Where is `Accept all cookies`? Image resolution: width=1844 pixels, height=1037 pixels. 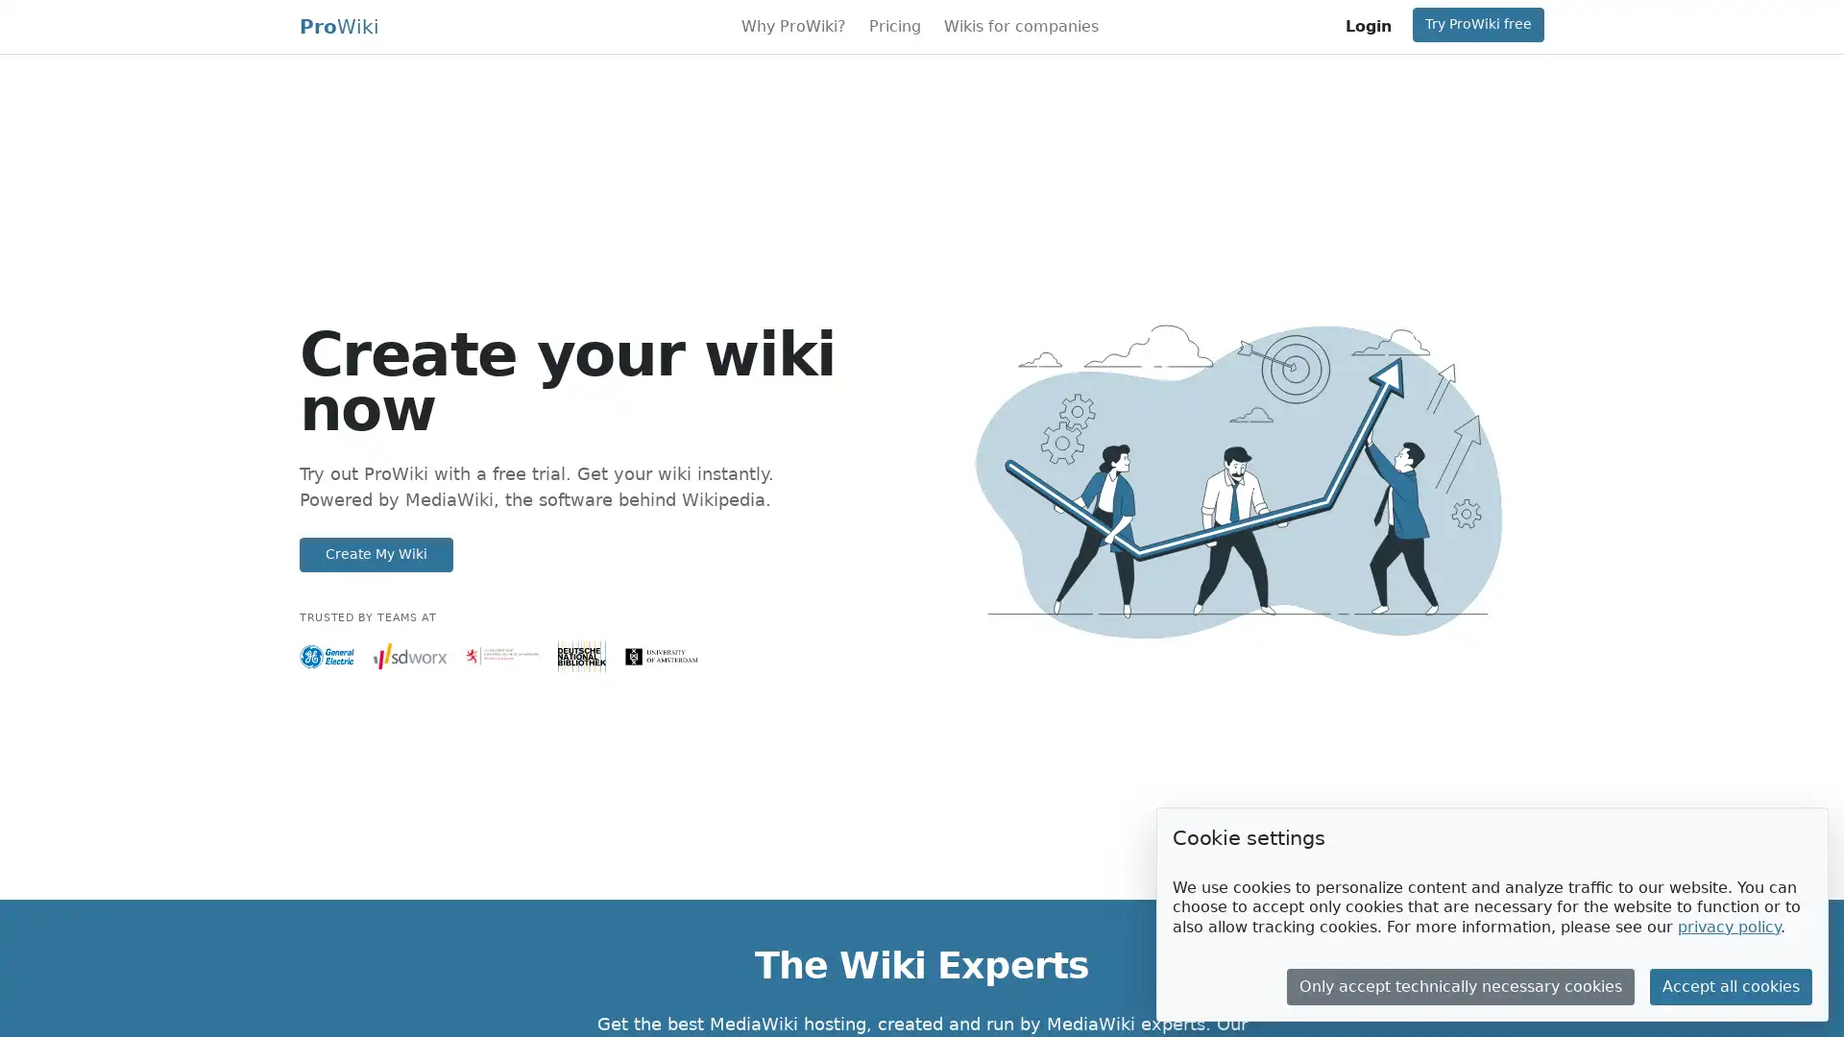 Accept all cookies is located at coordinates (1731, 987).